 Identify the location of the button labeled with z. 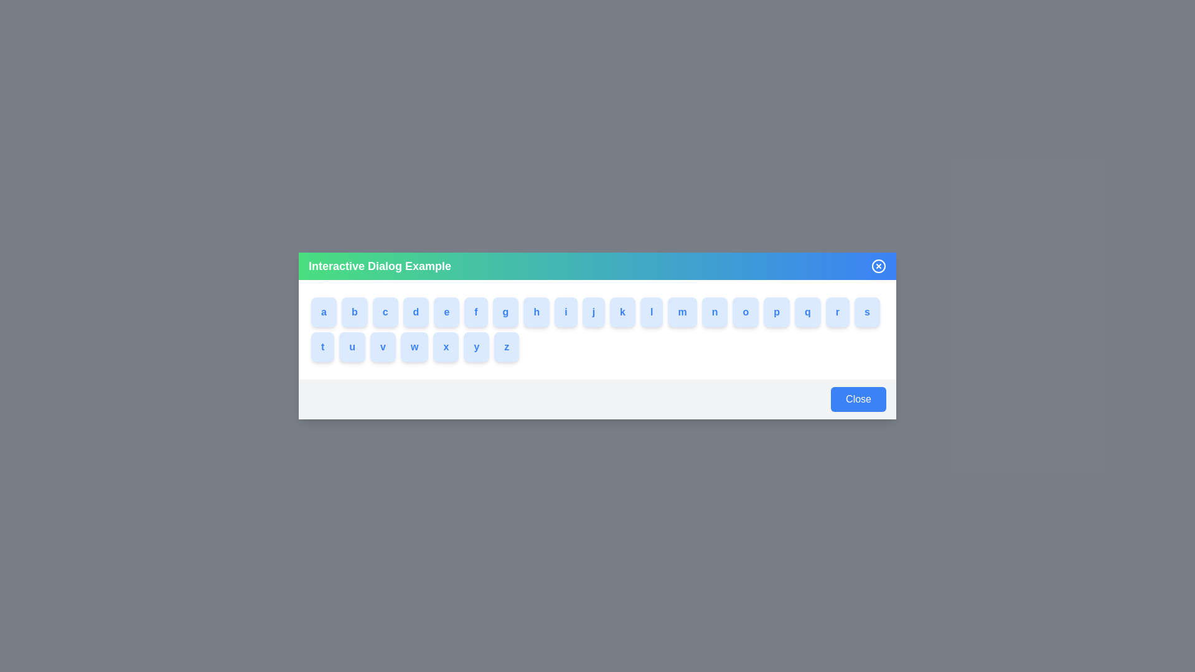
(510, 347).